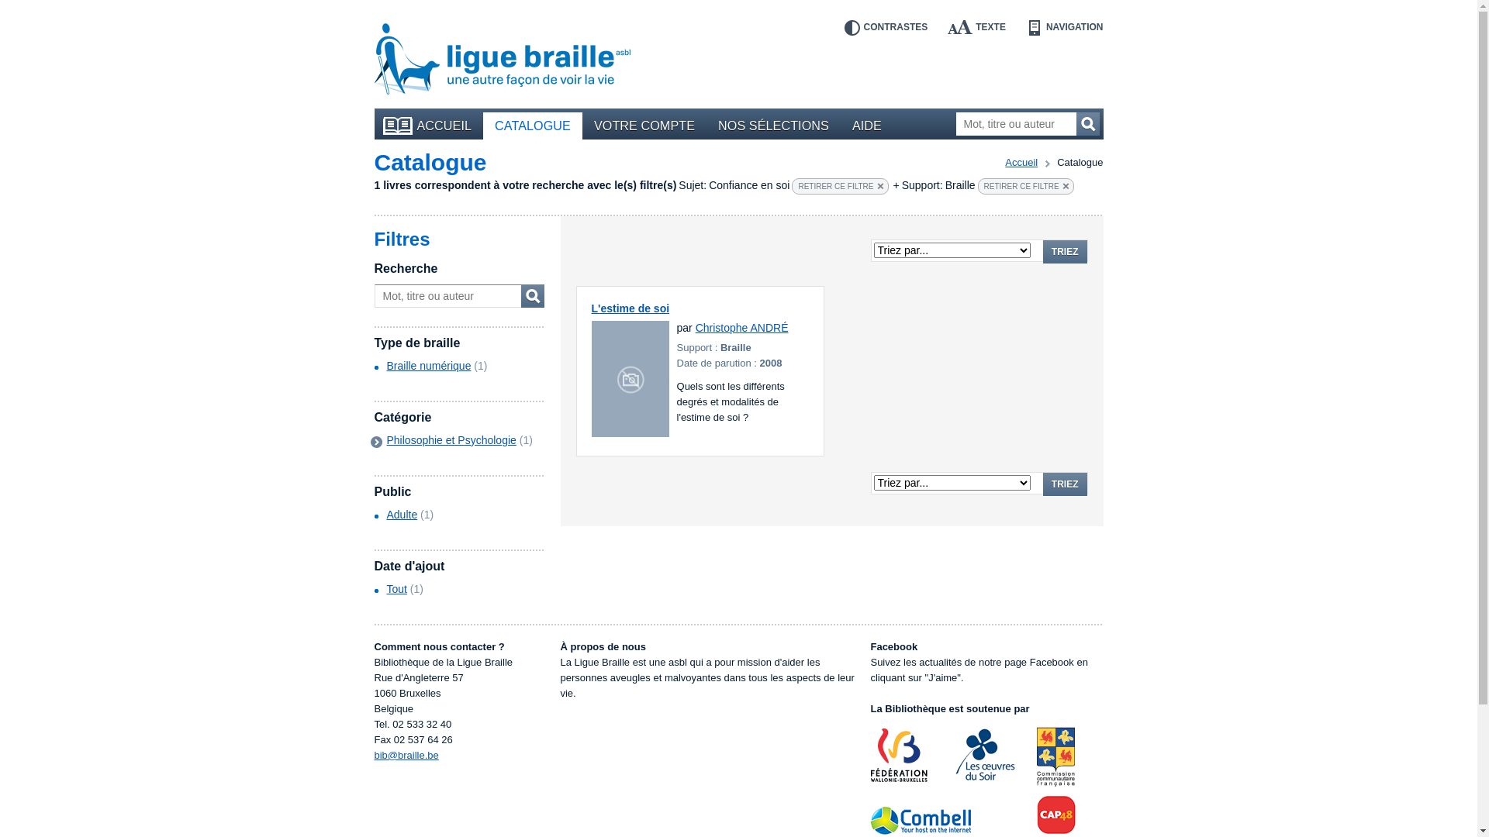 Image resolution: width=1489 pixels, height=837 pixels. I want to click on 'ACCUEIL', so click(378, 125).